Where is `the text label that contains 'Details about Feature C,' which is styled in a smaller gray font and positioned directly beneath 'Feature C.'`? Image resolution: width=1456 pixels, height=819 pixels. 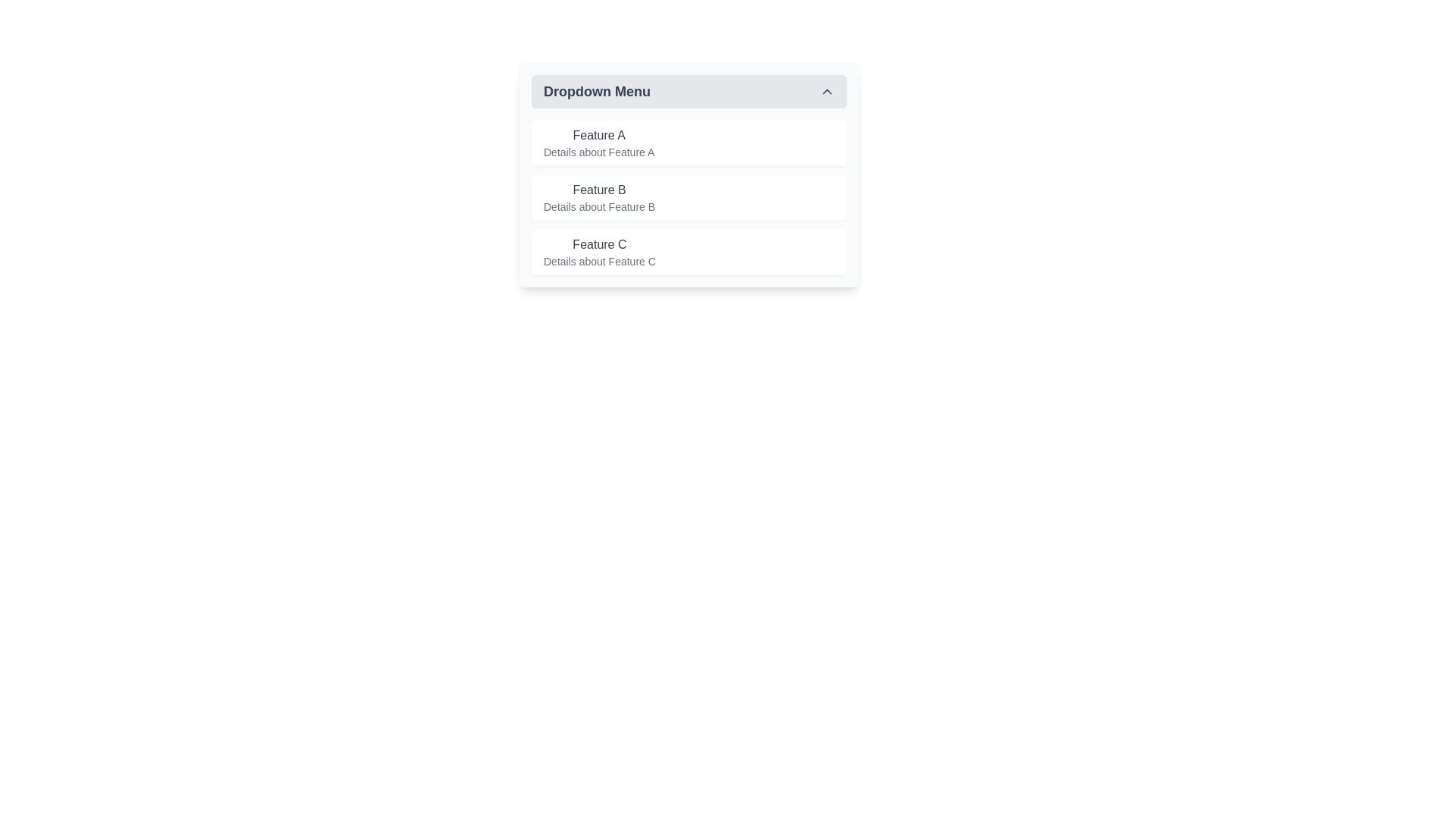
the text label that contains 'Details about Feature C,' which is styled in a smaller gray font and positioned directly beneath 'Feature C.' is located at coordinates (598, 260).